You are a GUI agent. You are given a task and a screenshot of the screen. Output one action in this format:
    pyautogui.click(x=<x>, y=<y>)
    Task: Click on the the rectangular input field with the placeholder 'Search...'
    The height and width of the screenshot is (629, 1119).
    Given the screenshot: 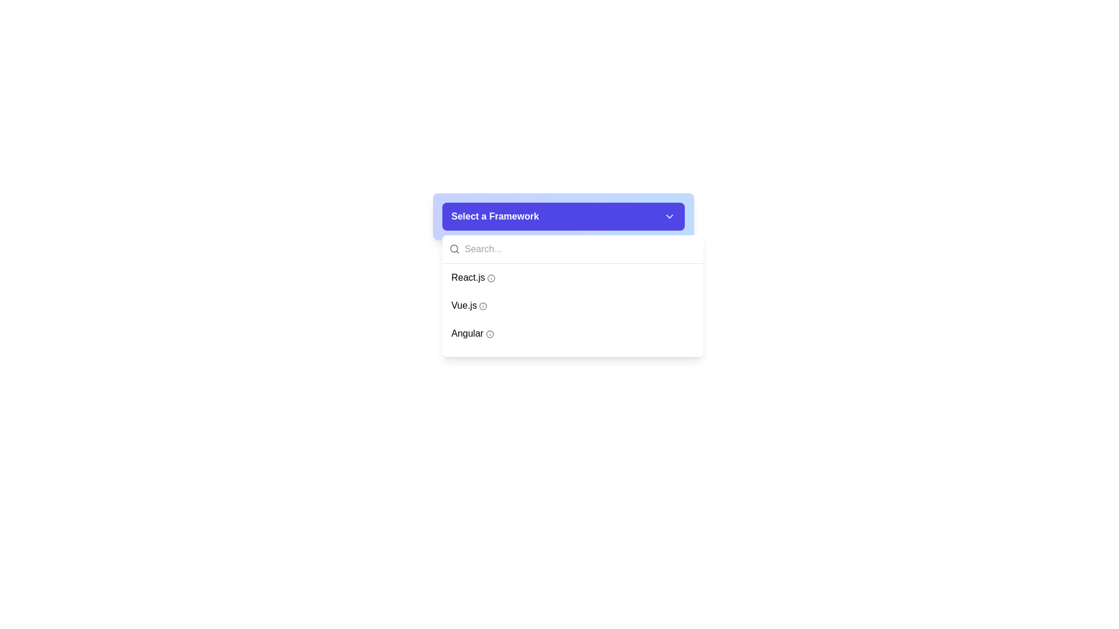 What is the action you would take?
    pyautogui.click(x=580, y=249)
    